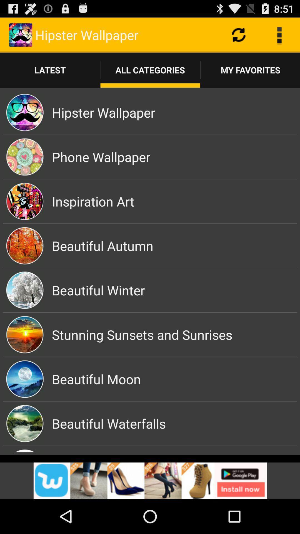 This screenshot has height=534, width=300. What do you see at coordinates (150, 480) in the screenshot?
I see `advertisements` at bounding box center [150, 480].